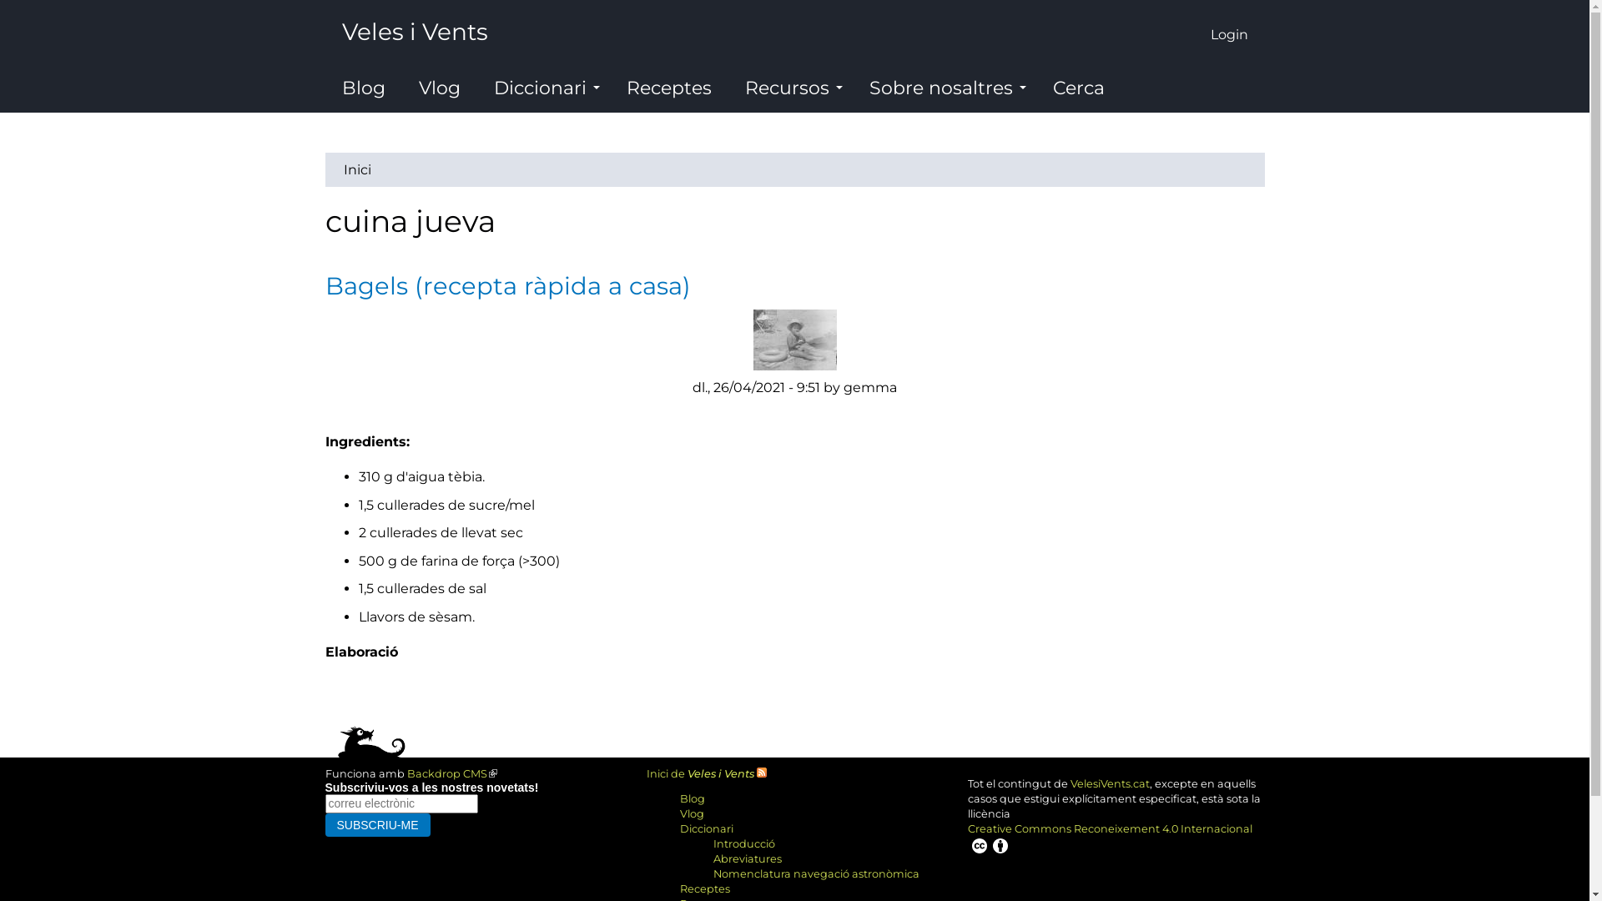 The image size is (1602, 901). Describe the element at coordinates (1070, 783) in the screenshot. I see `'VelesiVents.cat'` at that location.